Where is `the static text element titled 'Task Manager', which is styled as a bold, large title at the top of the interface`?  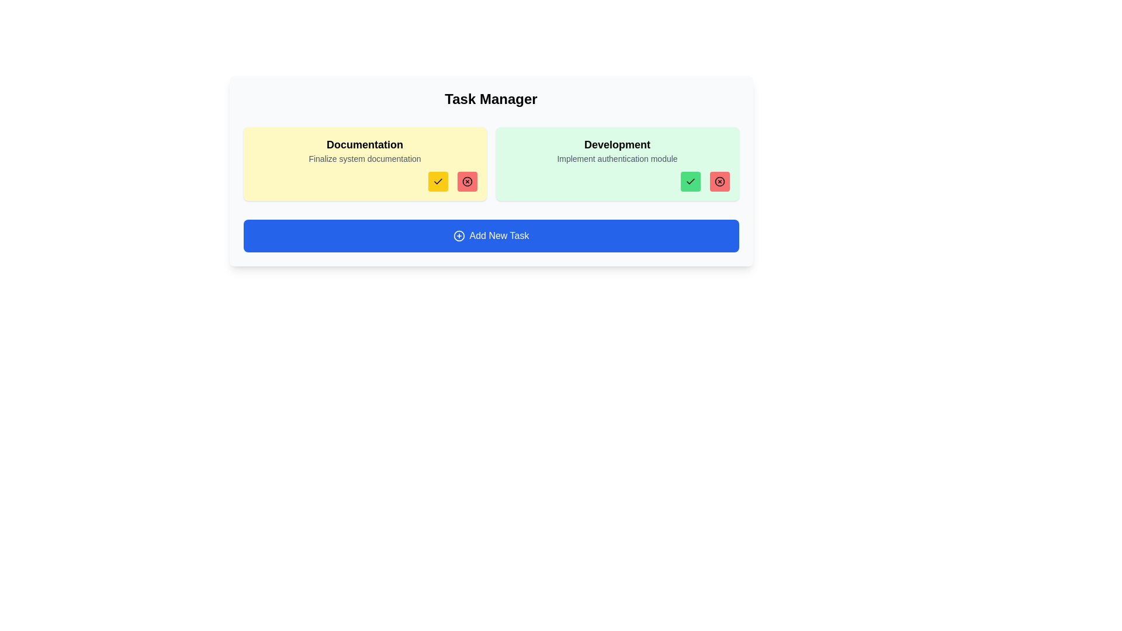
the static text element titled 'Task Manager', which is styled as a bold, large title at the top of the interface is located at coordinates (491, 98).